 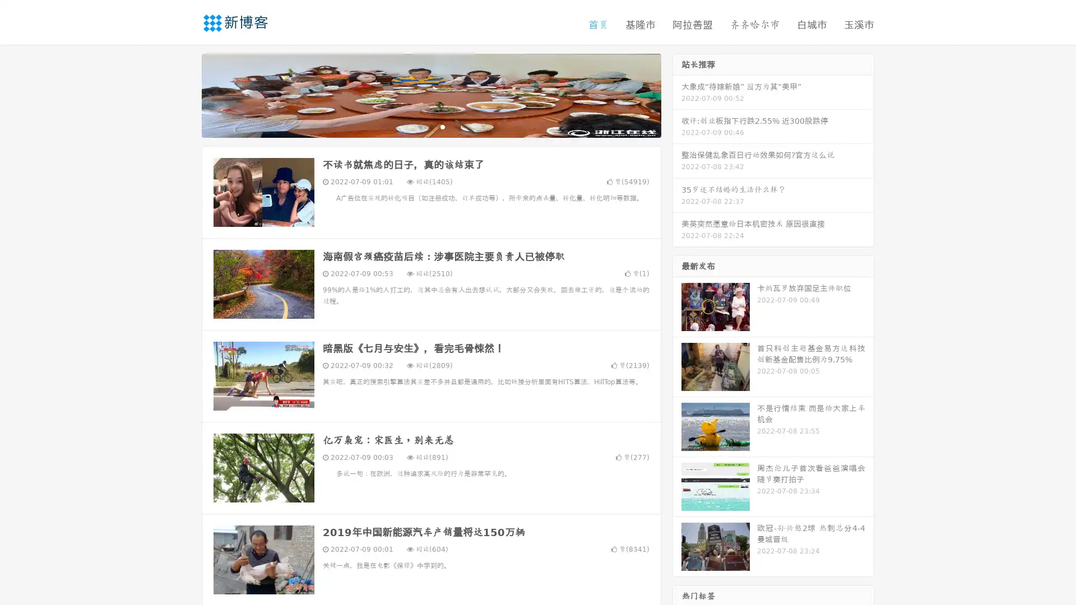 I want to click on Go to slide 3, so click(x=442, y=126).